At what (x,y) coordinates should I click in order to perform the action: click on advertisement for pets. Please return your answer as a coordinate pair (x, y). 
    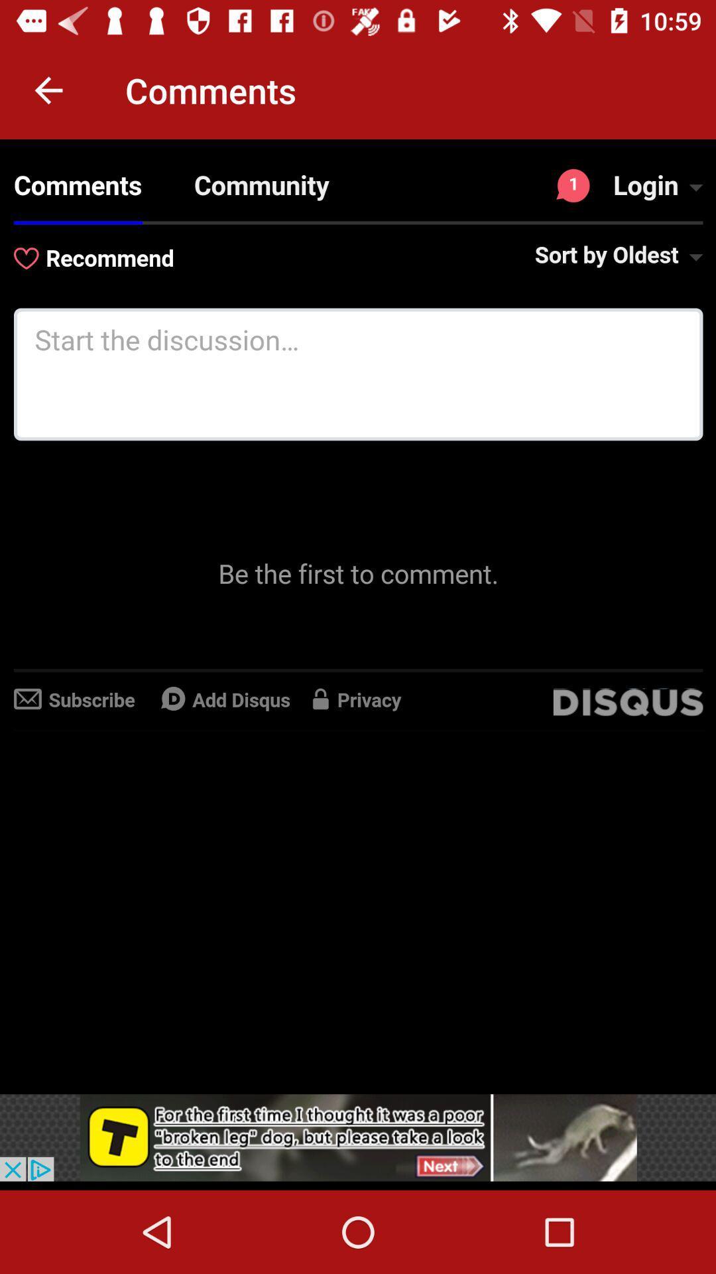
    Looking at the image, I should click on (358, 1137).